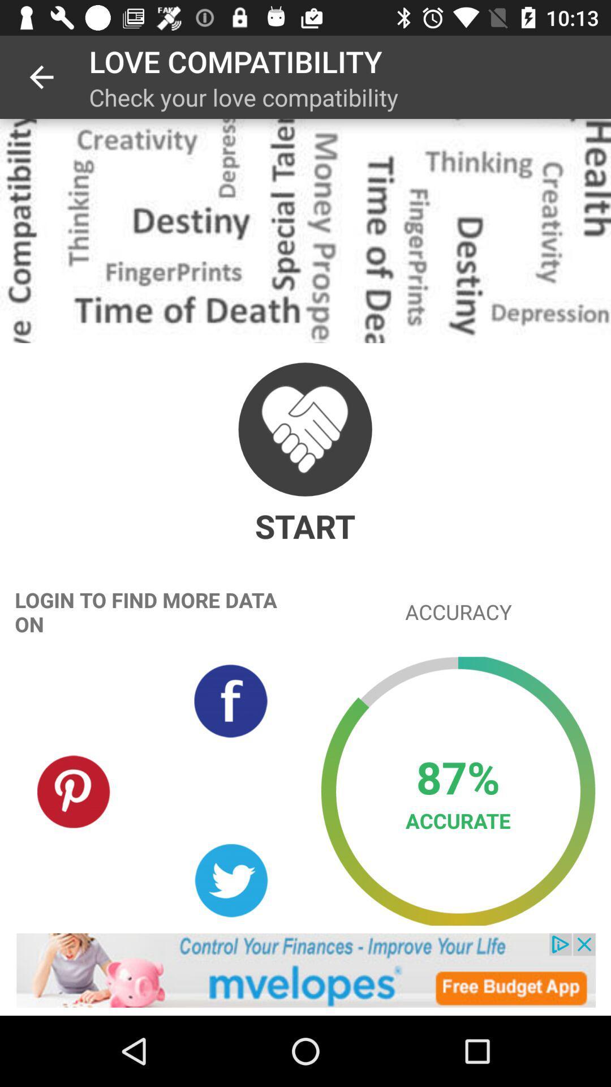  Describe the element at coordinates (74, 790) in the screenshot. I see `pinterest` at that location.